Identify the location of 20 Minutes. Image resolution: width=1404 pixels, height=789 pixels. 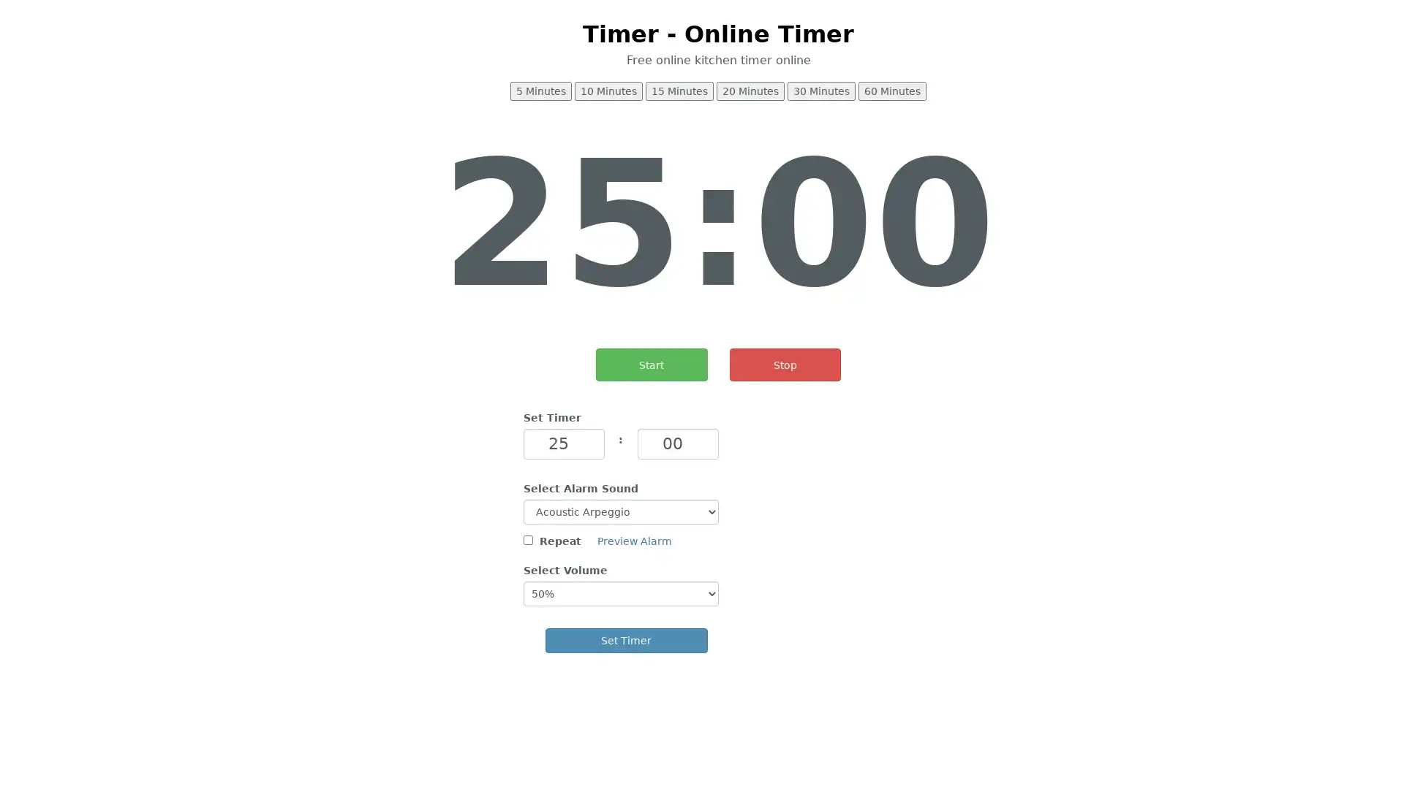
(750, 90).